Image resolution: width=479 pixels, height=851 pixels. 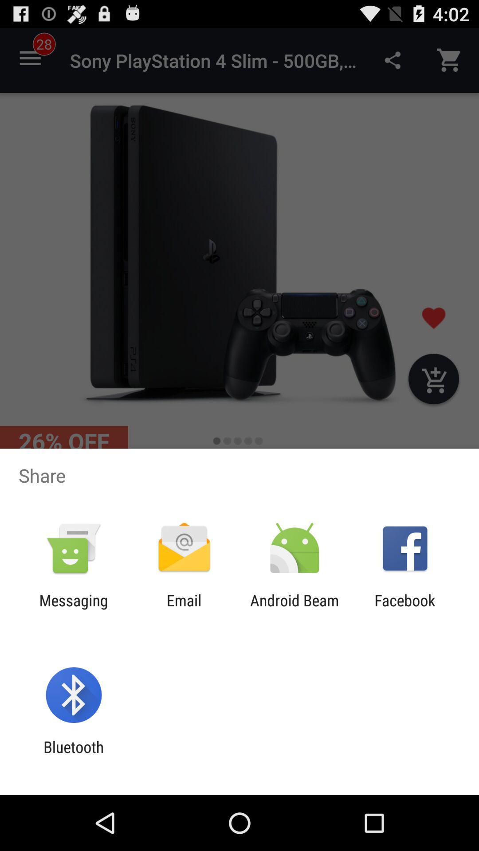 I want to click on the app next to the android beam app, so click(x=184, y=609).